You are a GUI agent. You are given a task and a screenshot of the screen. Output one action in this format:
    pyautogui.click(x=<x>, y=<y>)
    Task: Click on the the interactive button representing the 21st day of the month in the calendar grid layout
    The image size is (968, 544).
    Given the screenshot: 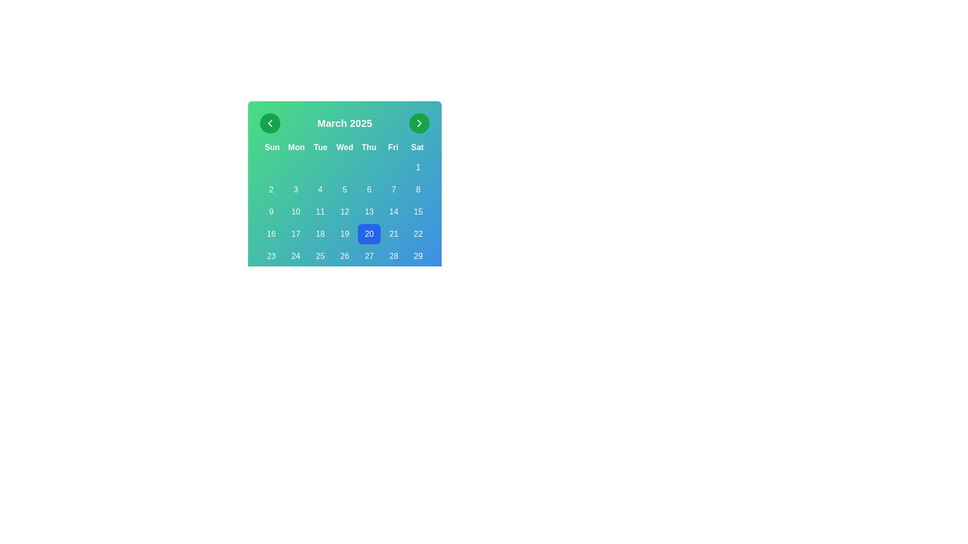 What is the action you would take?
    pyautogui.click(x=393, y=234)
    